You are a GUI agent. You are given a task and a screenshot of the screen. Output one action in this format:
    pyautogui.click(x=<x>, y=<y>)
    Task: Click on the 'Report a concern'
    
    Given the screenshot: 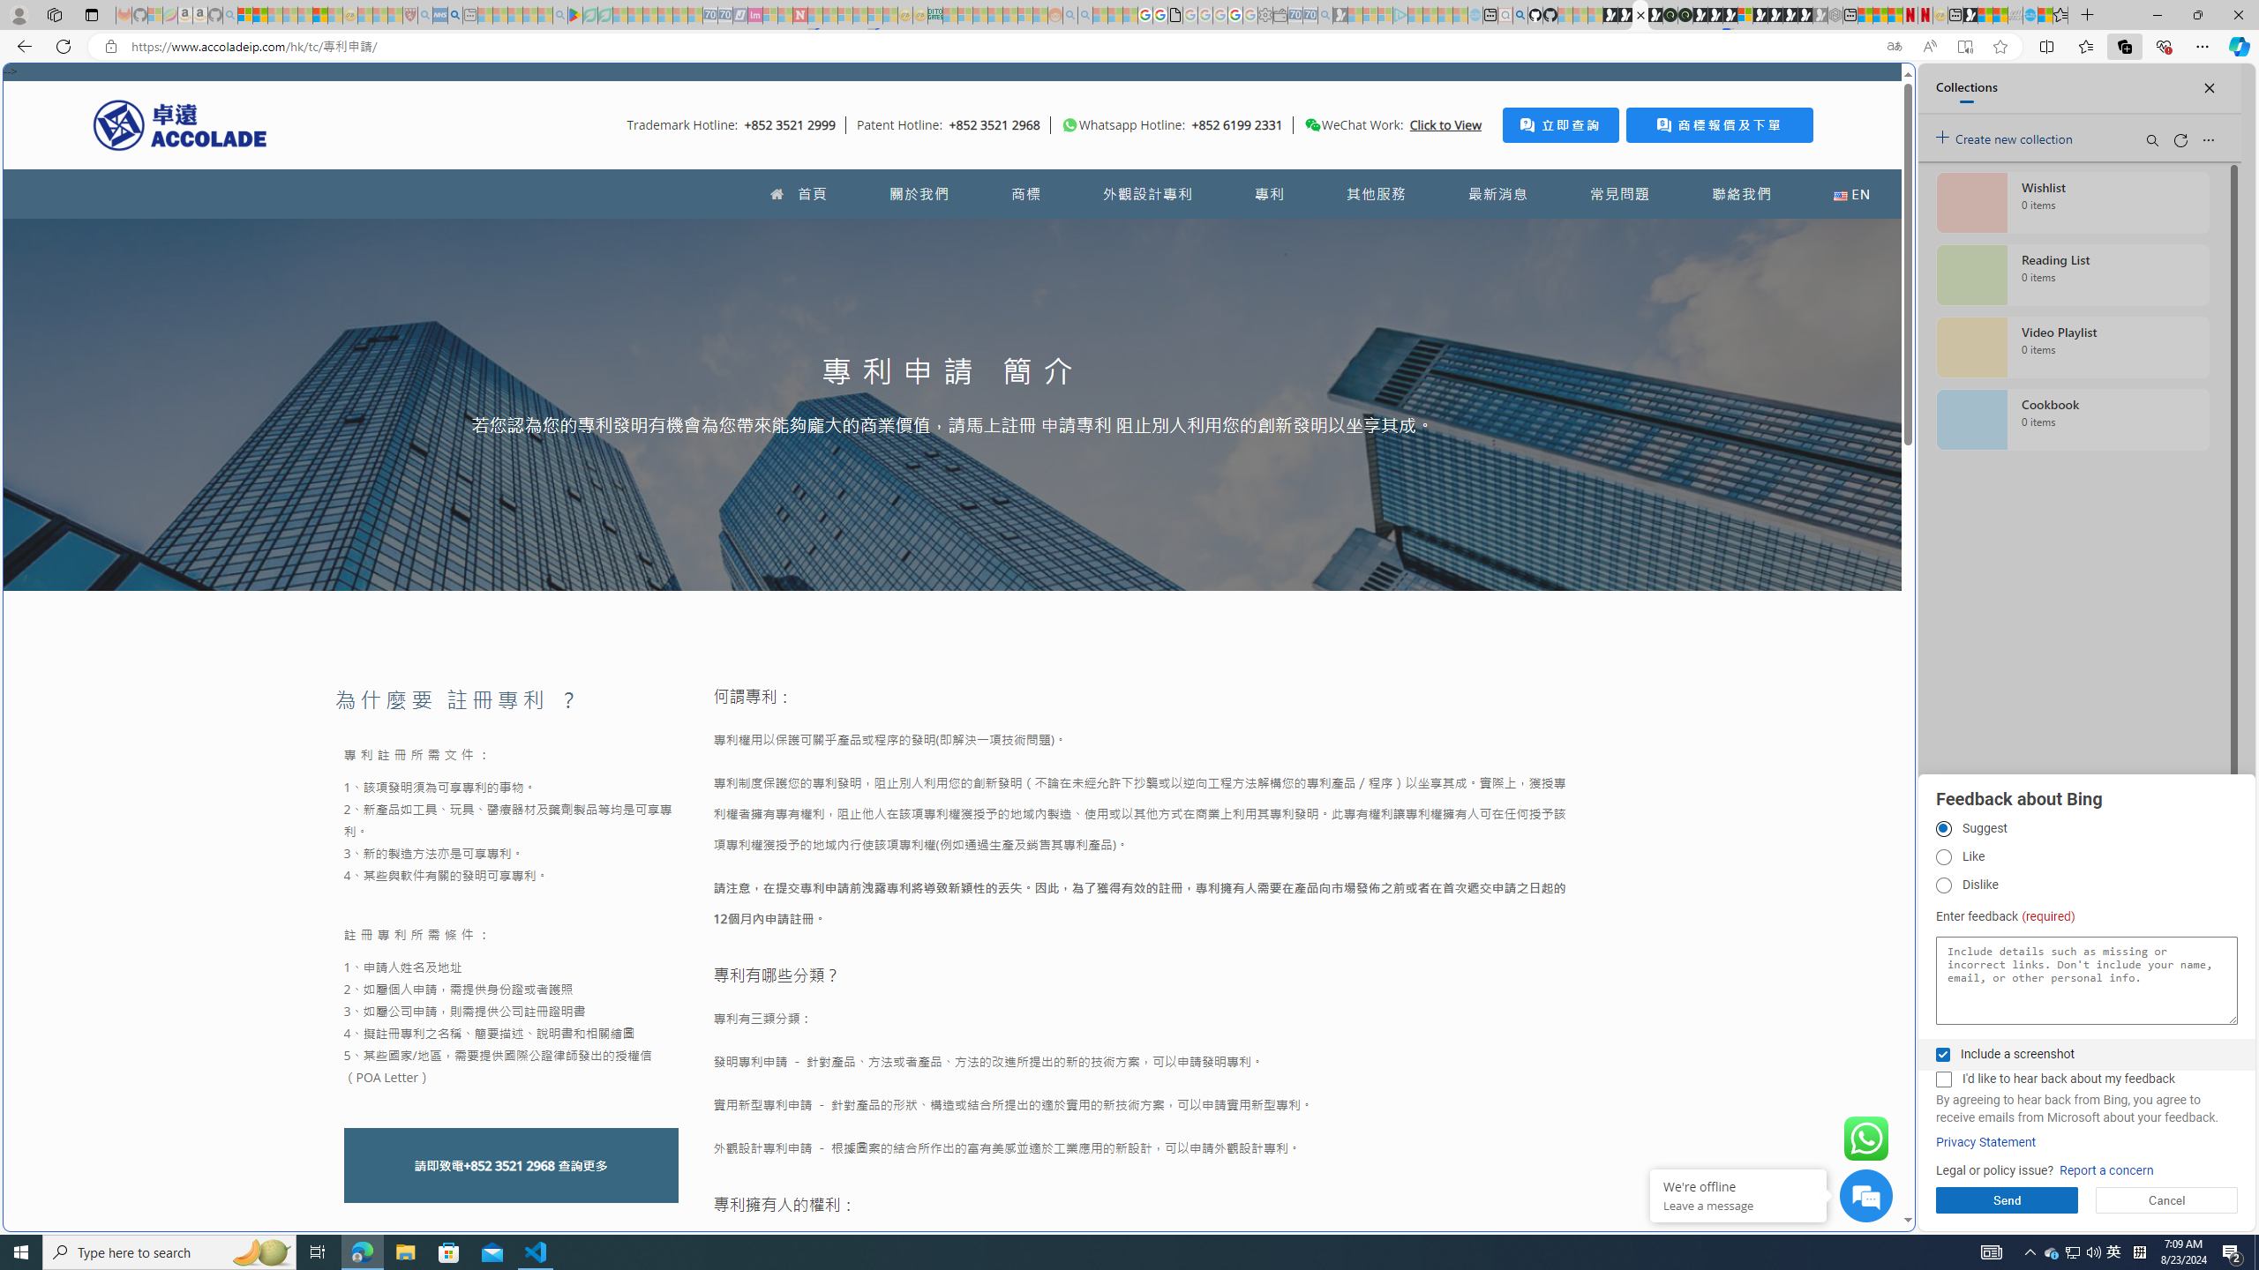 What is the action you would take?
    pyautogui.click(x=2107, y=1169)
    